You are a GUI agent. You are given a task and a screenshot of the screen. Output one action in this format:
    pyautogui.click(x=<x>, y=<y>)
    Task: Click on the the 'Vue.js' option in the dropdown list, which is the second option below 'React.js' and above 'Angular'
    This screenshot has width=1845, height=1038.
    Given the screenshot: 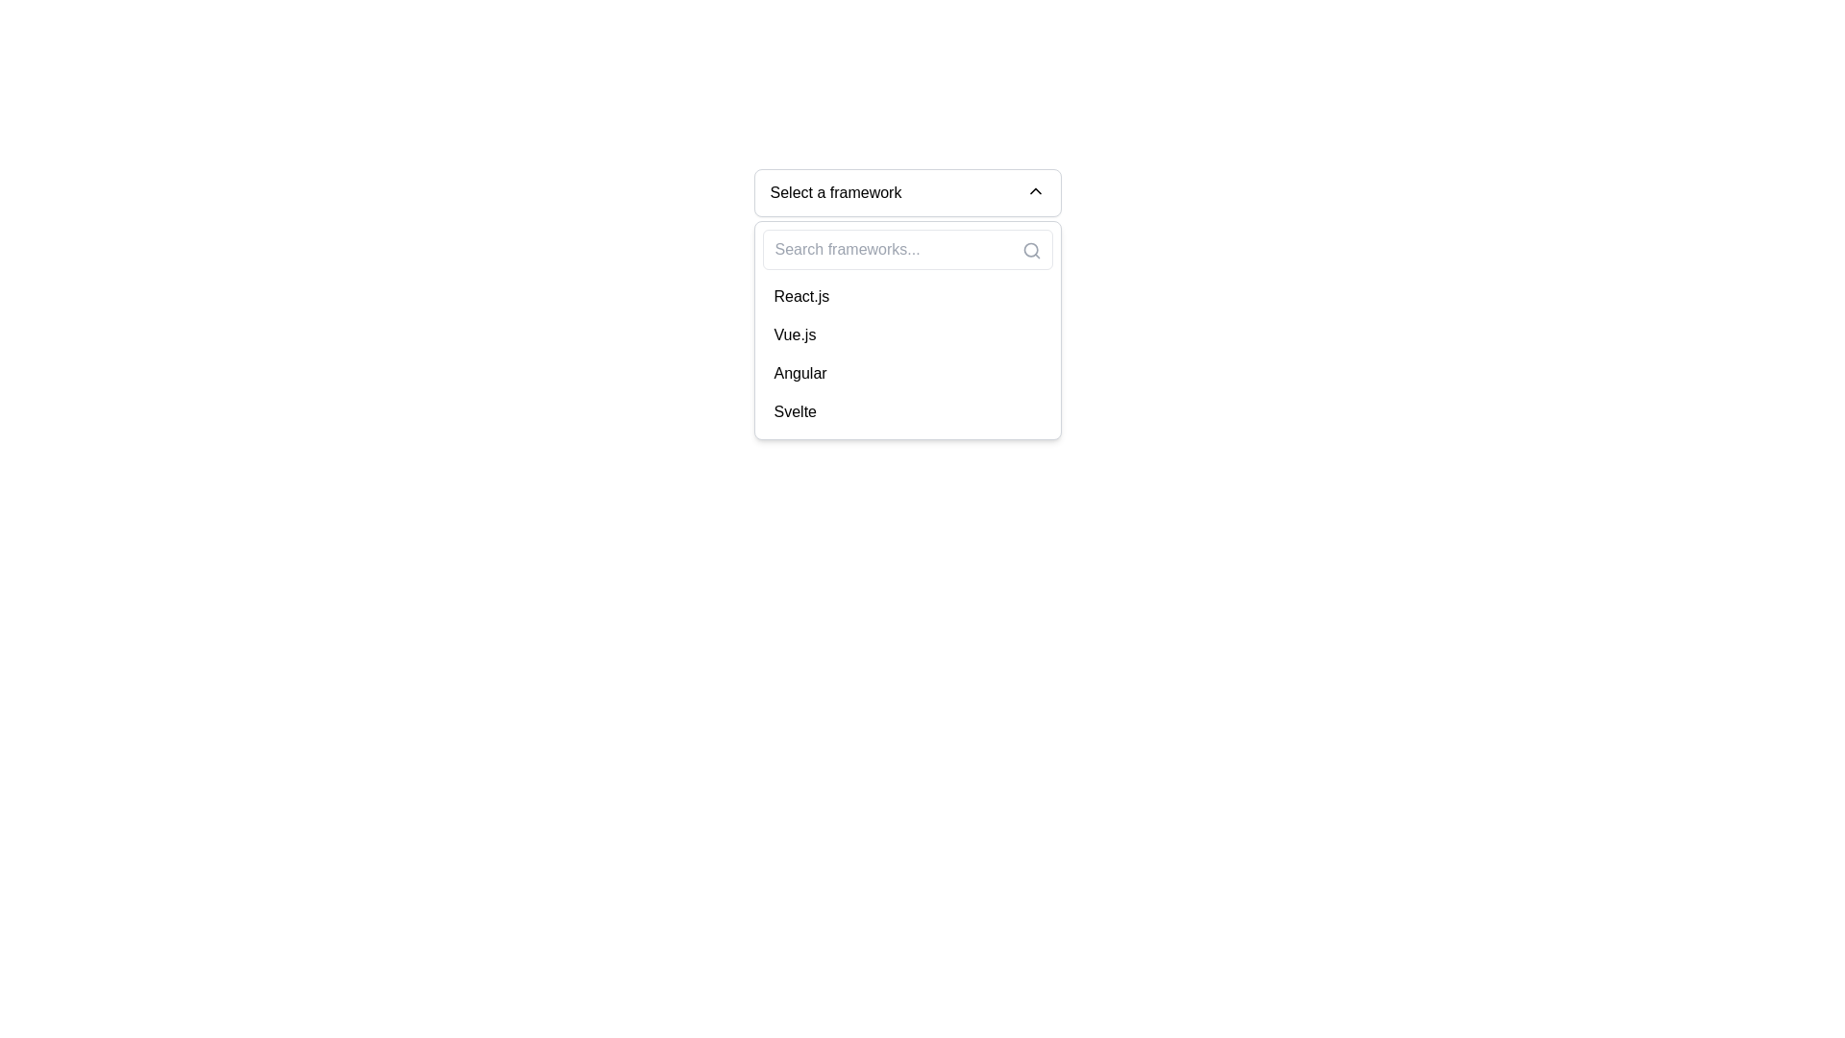 What is the action you would take?
    pyautogui.click(x=906, y=334)
    